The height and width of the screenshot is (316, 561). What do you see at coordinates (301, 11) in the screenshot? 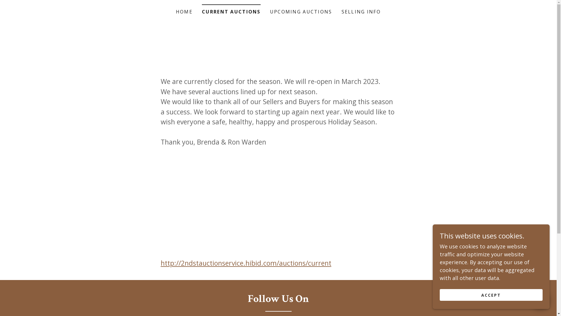
I see `'UPCOMING AUCTIONS'` at bounding box center [301, 11].